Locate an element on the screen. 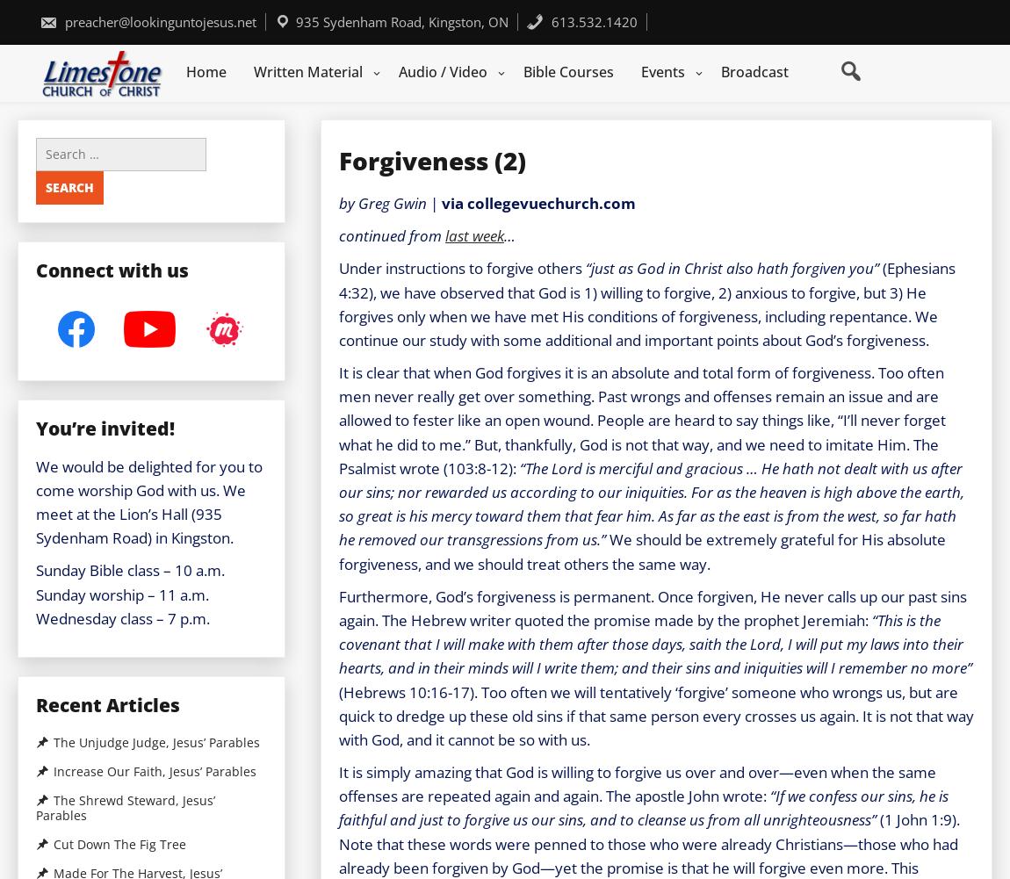 Image resolution: width=1010 pixels, height=879 pixels. 'all unrighteousness”' is located at coordinates (810, 818).